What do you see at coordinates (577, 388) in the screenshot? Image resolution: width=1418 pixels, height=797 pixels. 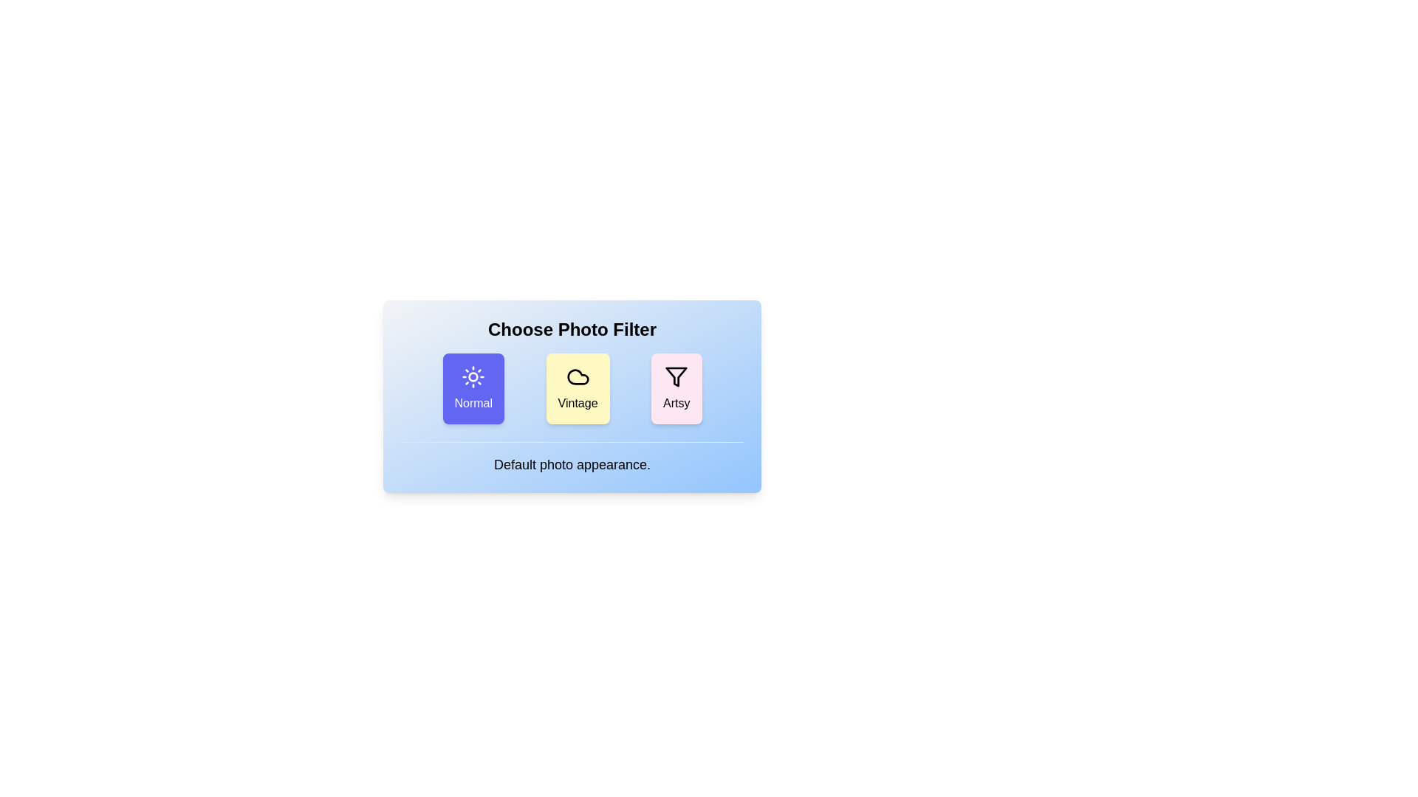 I see `the photo filter Vintage by clicking on its corresponding button` at bounding box center [577, 388].